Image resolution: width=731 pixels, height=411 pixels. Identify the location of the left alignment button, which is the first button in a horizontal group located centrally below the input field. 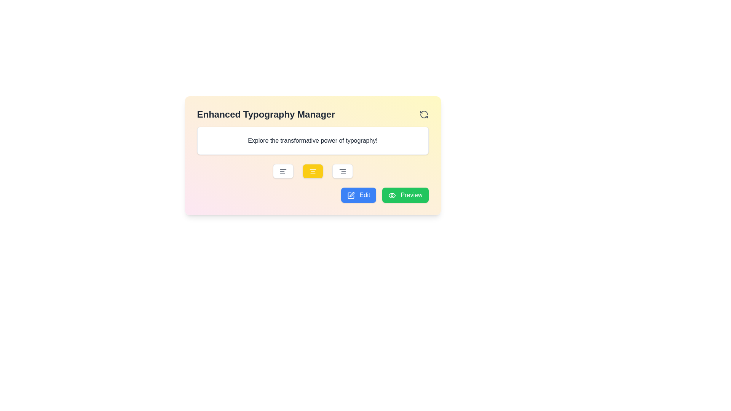
(283, 171).